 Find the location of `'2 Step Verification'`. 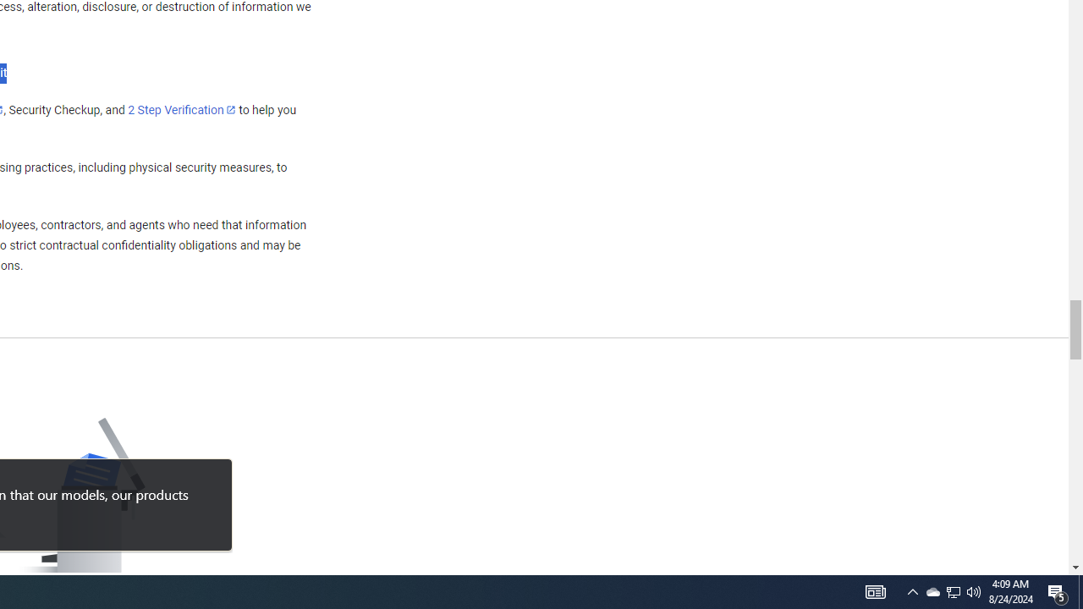

'2 Step Verification' is located at coordinates (182, 109).